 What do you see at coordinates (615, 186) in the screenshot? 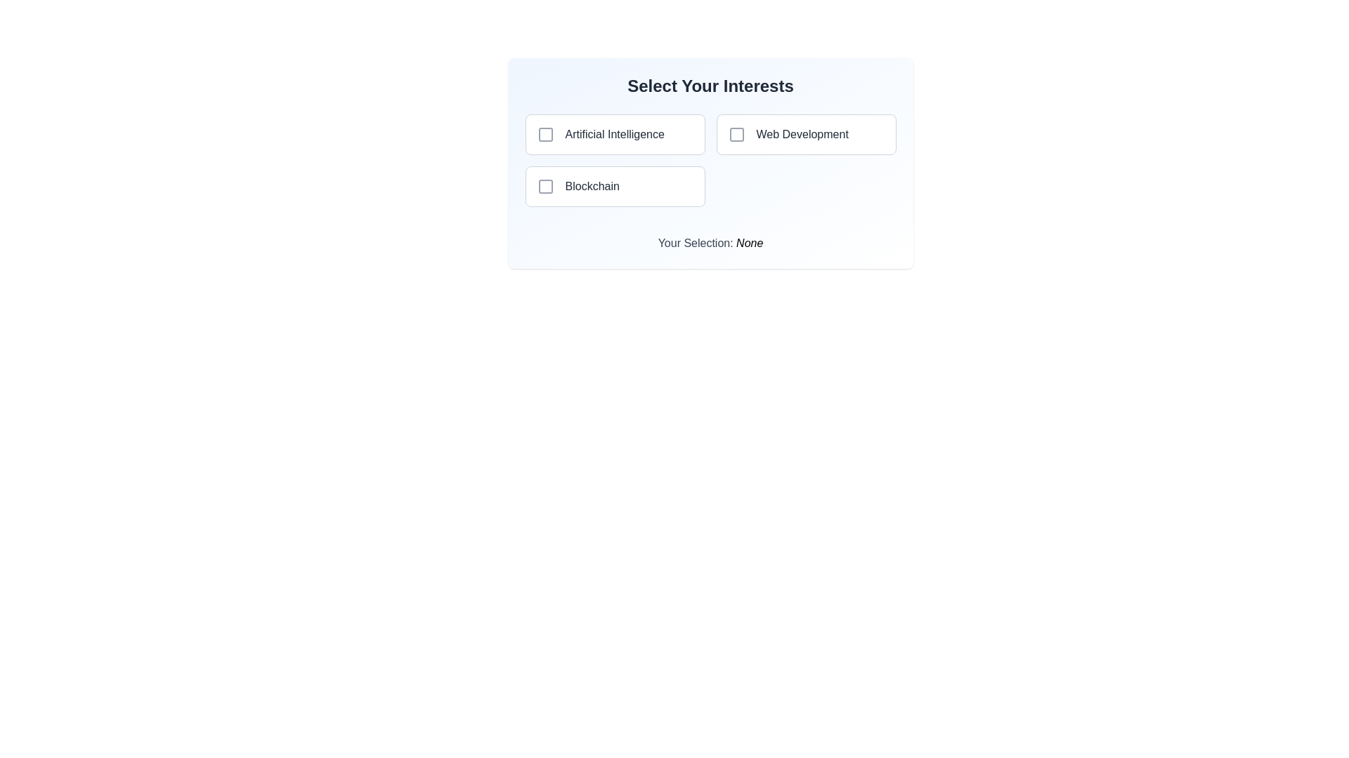
I see `the 'Blockchain' selectable item with an associated checkbox, which is the third option in a 2x2 grid layout of selectable options` at bounding box center [615, 186].